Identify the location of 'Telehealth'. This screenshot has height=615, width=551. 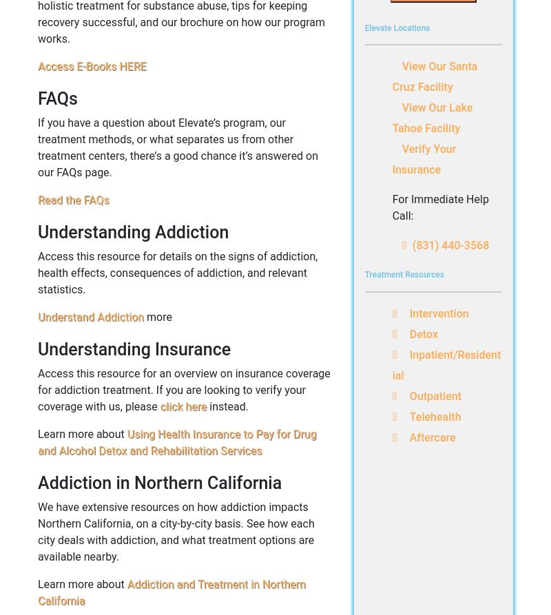
(435, 416).